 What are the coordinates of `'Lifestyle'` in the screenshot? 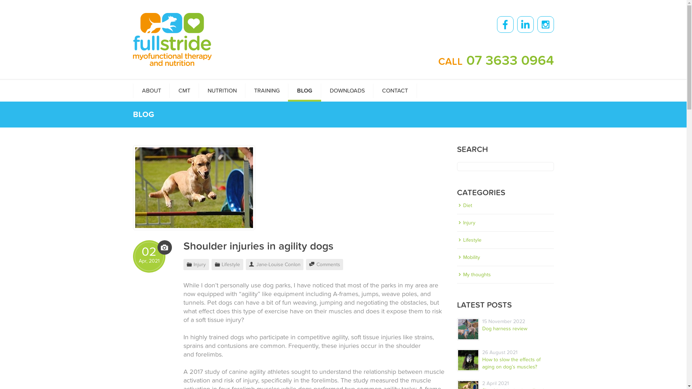 It's located at (505, 240).